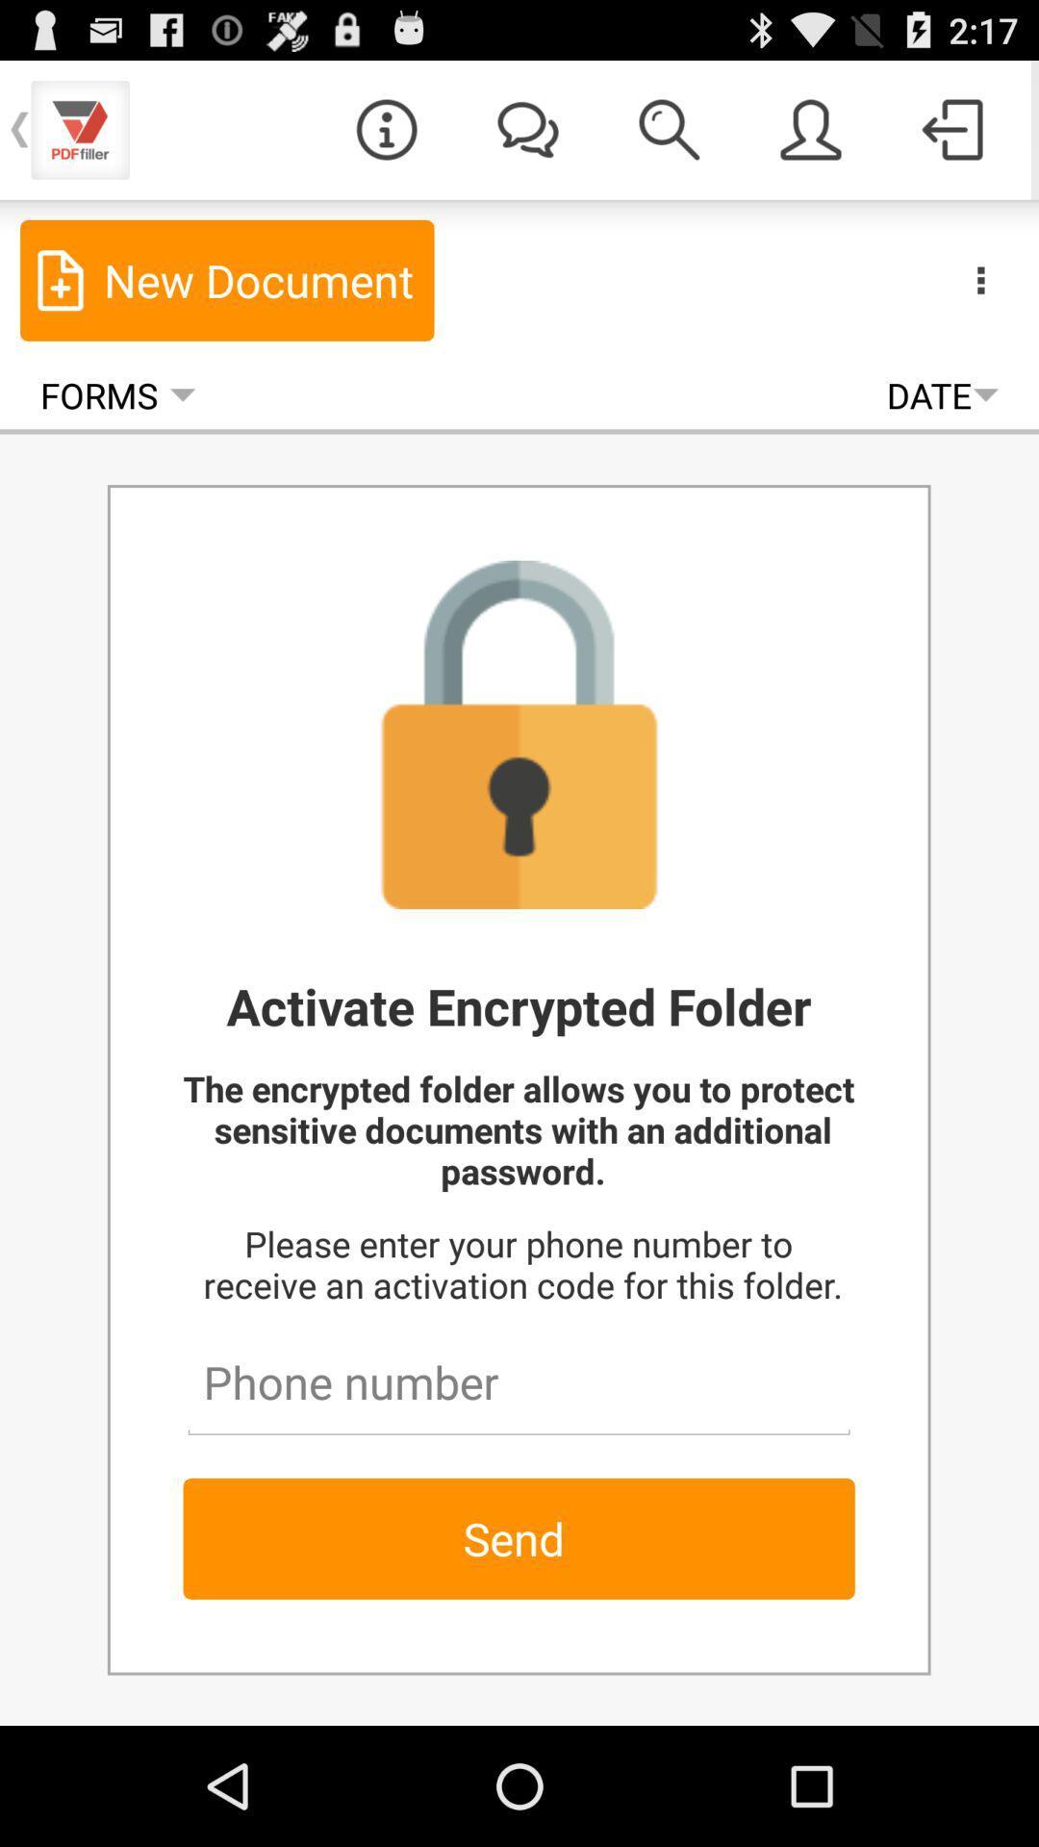  I want to click on the icon next to forms, so click(941, 394).